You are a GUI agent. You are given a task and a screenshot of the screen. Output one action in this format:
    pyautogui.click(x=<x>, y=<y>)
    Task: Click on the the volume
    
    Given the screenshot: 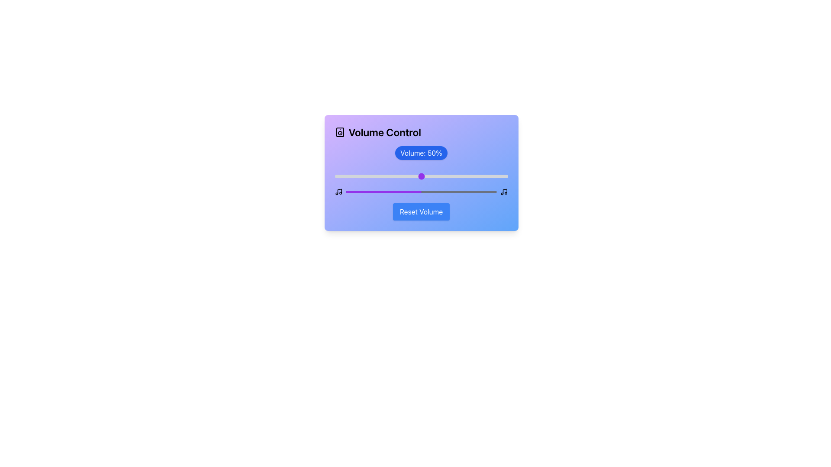 What is the action you would take?
    pyautogui.click(x=428, y=191)
    